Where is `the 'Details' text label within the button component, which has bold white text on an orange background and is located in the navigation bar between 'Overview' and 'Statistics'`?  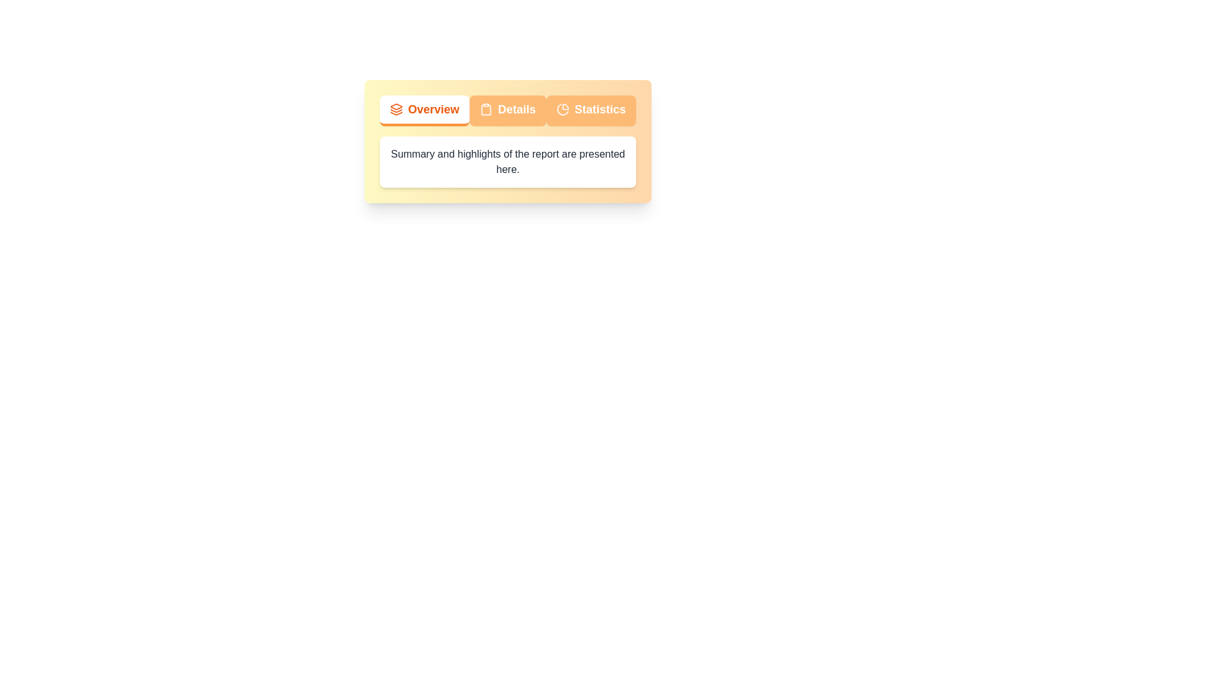
the 'Details' text label within the button component, which has bold white text on an orange background and is located in the navigation bar between 'Overview' and 'Statistics' is located at coordinates (516, 108).